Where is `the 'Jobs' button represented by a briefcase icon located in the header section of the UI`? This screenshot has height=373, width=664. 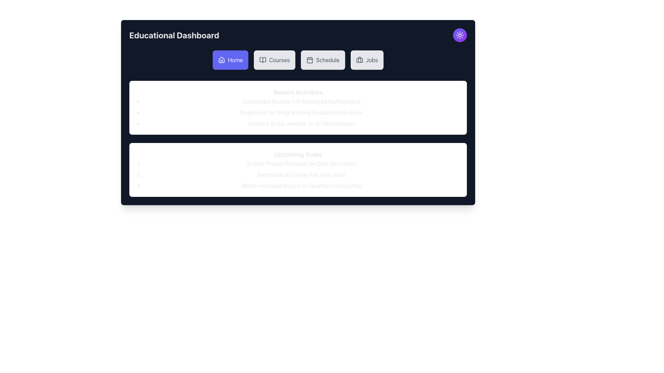 the 'Jobs' button represented by a briefcase icon located in the header section of the UI is located at coordinates (359, 59).